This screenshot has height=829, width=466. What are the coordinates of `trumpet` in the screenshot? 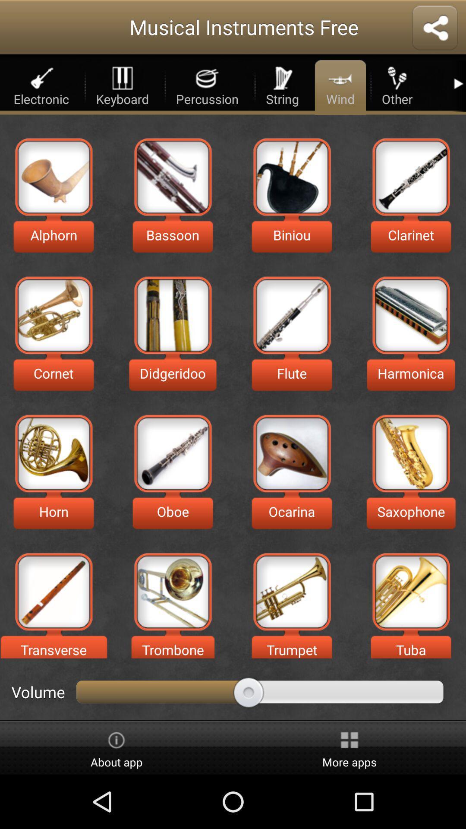 It's located at (291, 591).